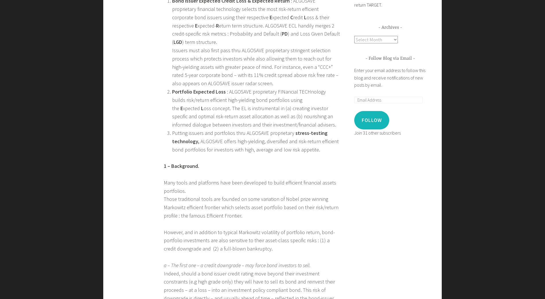  What do you see at coordinates (255, 66) in the screenshot?
I see `'Issuers must also first pass thru ALGOSAVE proprietary stringent selection process which protects investors while also allowing them to reach out for high-yielding assets with greater peace of mind. For instance, even a “CCC+” rated 5-year corporate bond – with its 11% credit spread above risk free rate – also appears on ALGOSAVE issuer radar screen.'` at bounding box center [255, 66].